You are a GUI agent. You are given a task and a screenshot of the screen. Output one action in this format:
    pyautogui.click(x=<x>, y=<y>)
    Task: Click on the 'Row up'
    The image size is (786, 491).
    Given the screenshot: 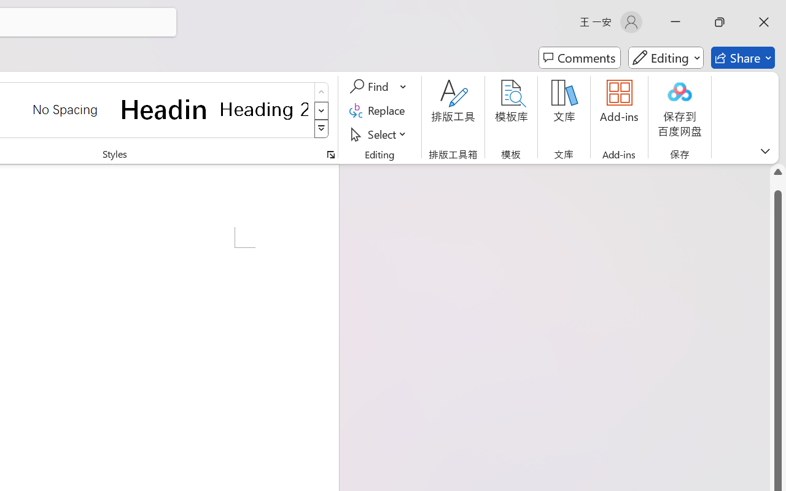 What is the action you would take?
    pyautogui.click(x=321, y=92)
    